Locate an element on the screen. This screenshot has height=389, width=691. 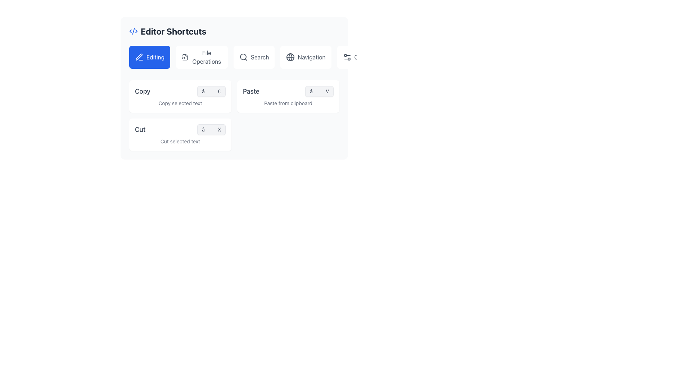
the small SVG icon representing a document with code elements, located adjacent to the text label 'File Operations', as a static visual indicator is located at coordinates (185, 57).